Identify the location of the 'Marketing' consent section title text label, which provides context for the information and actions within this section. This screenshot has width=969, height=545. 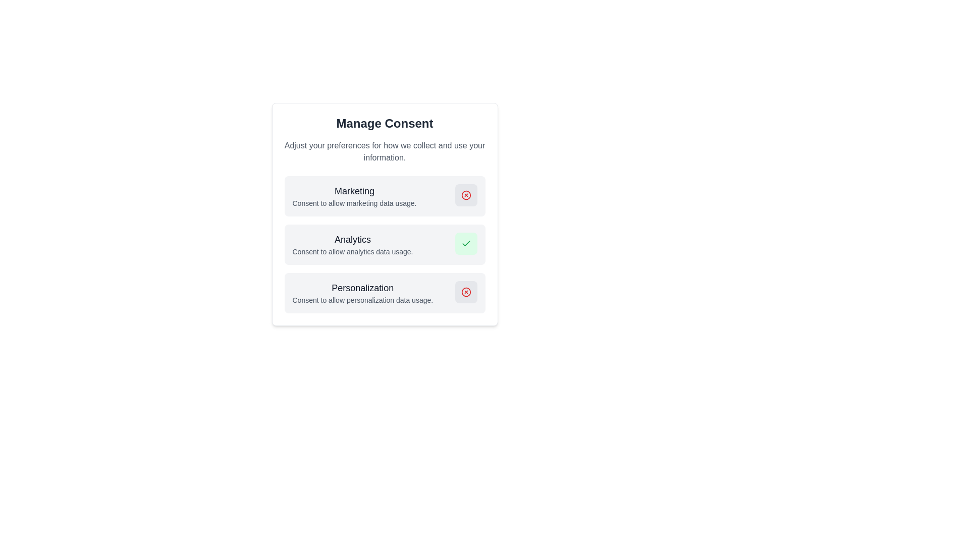
(354, 191).